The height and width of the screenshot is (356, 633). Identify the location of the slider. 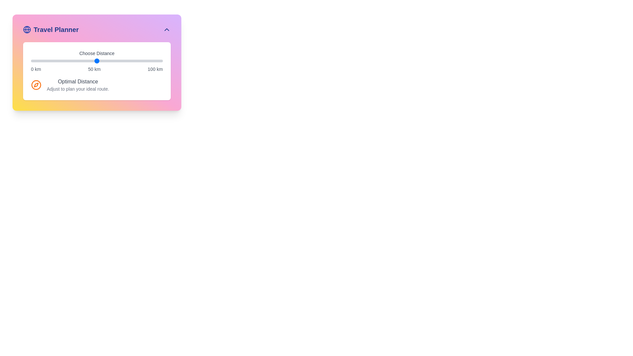
(136, 61).